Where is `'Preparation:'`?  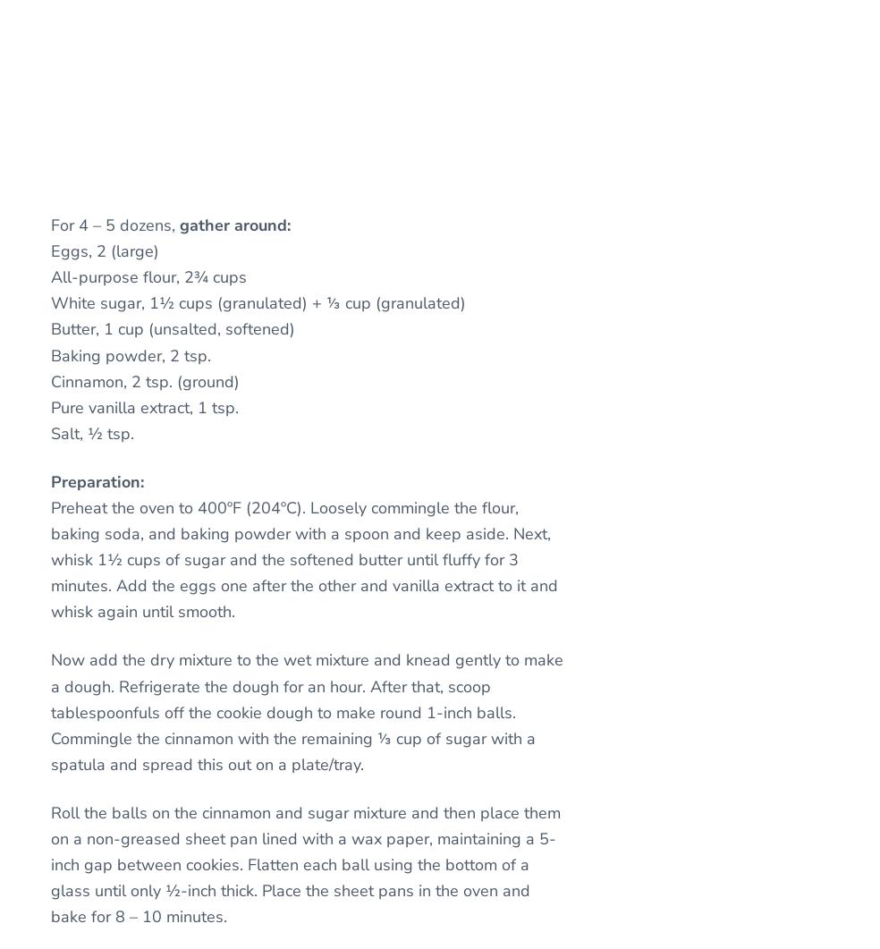 'Preparation:' is located at coordinates (97, 480).